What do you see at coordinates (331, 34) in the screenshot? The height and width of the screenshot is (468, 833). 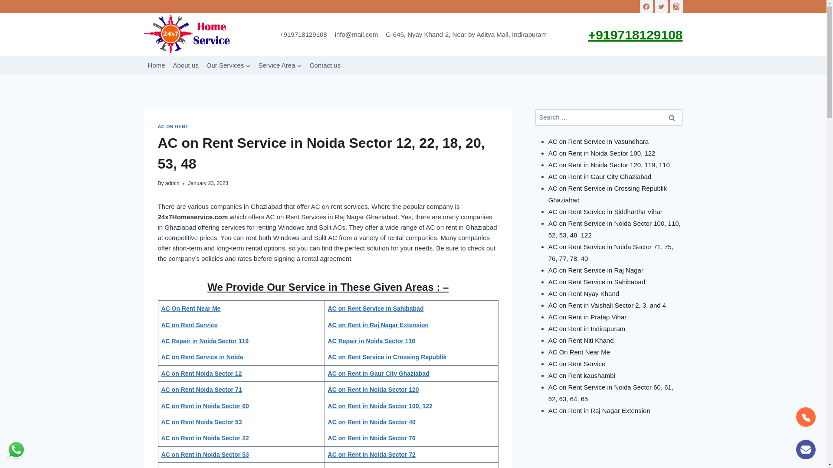 I see `'info@mail.com'` at bounding box center [331, 34].